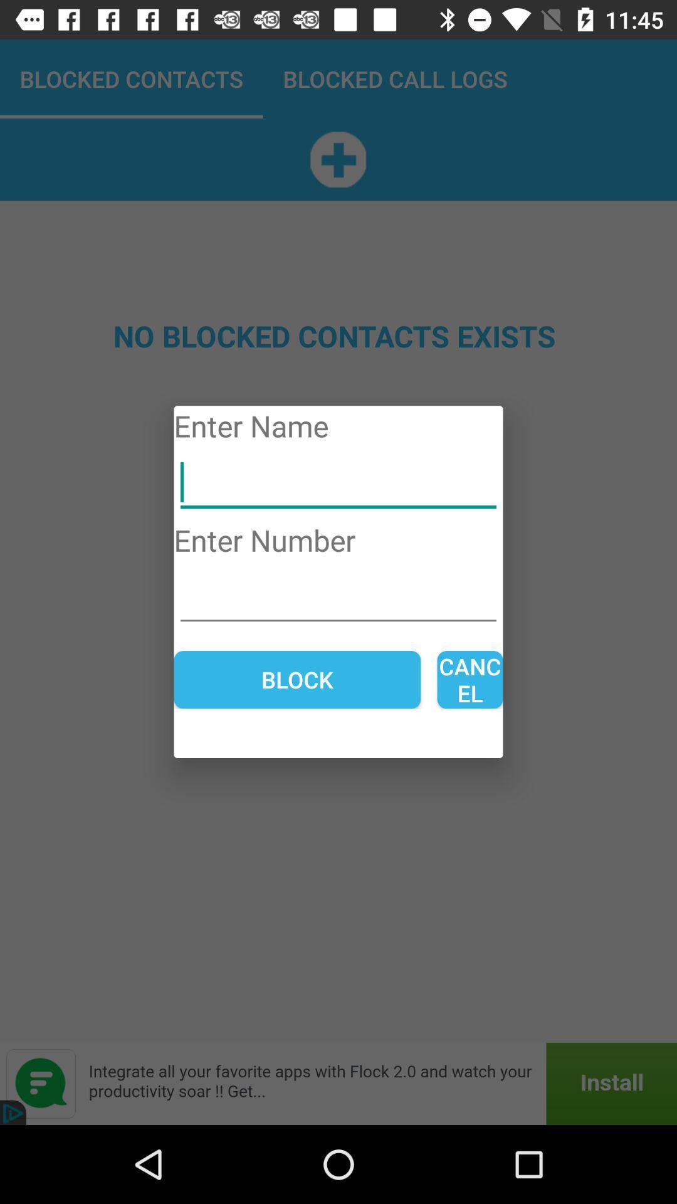  Describe the element at coordinates (470, 679) in the screenshot. I see `the button to the right of block item` at that location.